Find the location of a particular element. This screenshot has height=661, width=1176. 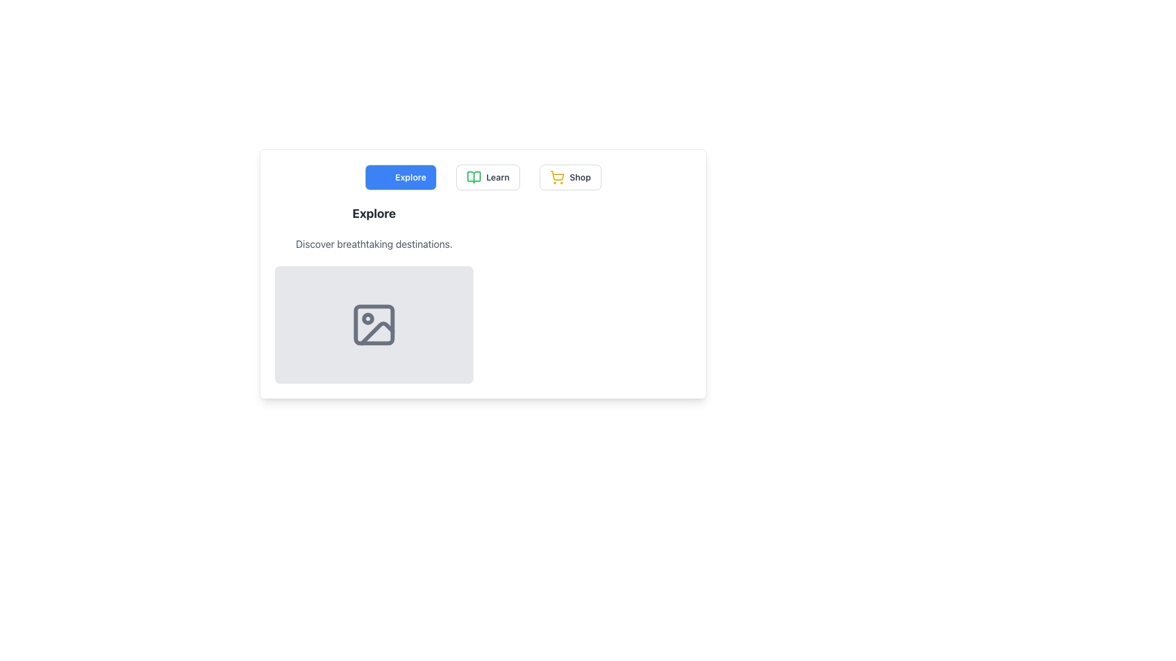

the shopping cart icon located on the right-most side of the button row in the navigation bar is located at coordinates (556, 177).